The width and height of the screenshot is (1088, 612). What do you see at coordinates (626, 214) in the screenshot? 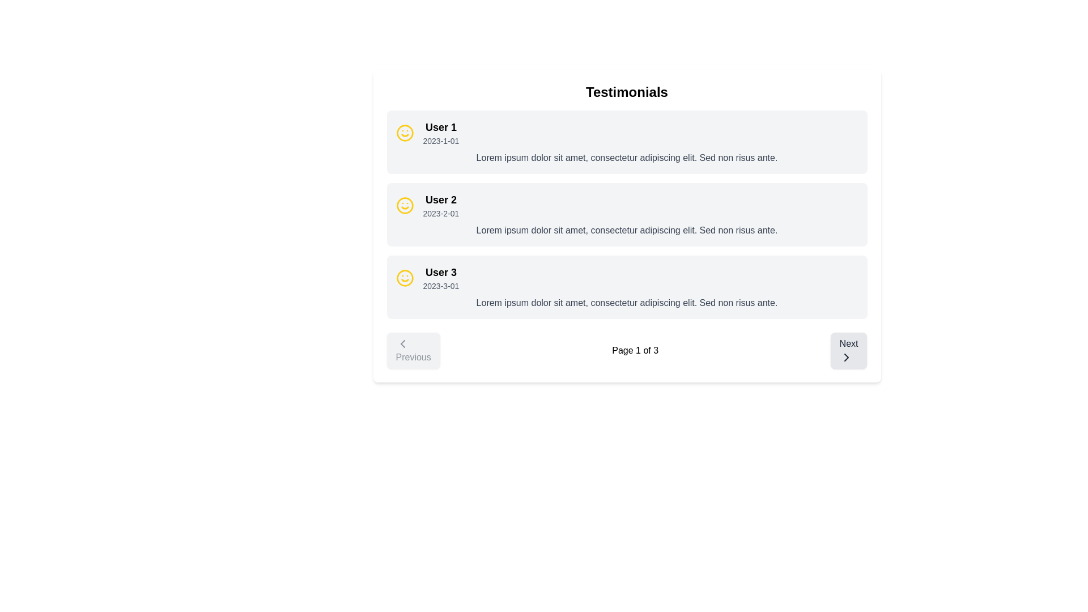
I see `the second user testimonial block in the 'Testimonials' section` at bounding box center [626, 214].